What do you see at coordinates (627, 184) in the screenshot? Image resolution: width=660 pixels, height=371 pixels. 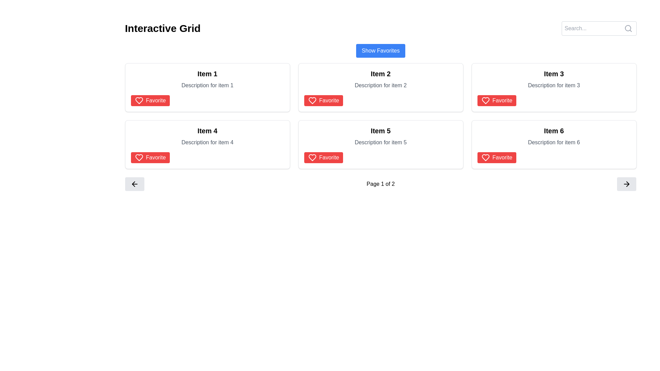 I see `the gray rectangular button with rounded corners and a right-pointing arrow icon` at bounding box center [627, 184].